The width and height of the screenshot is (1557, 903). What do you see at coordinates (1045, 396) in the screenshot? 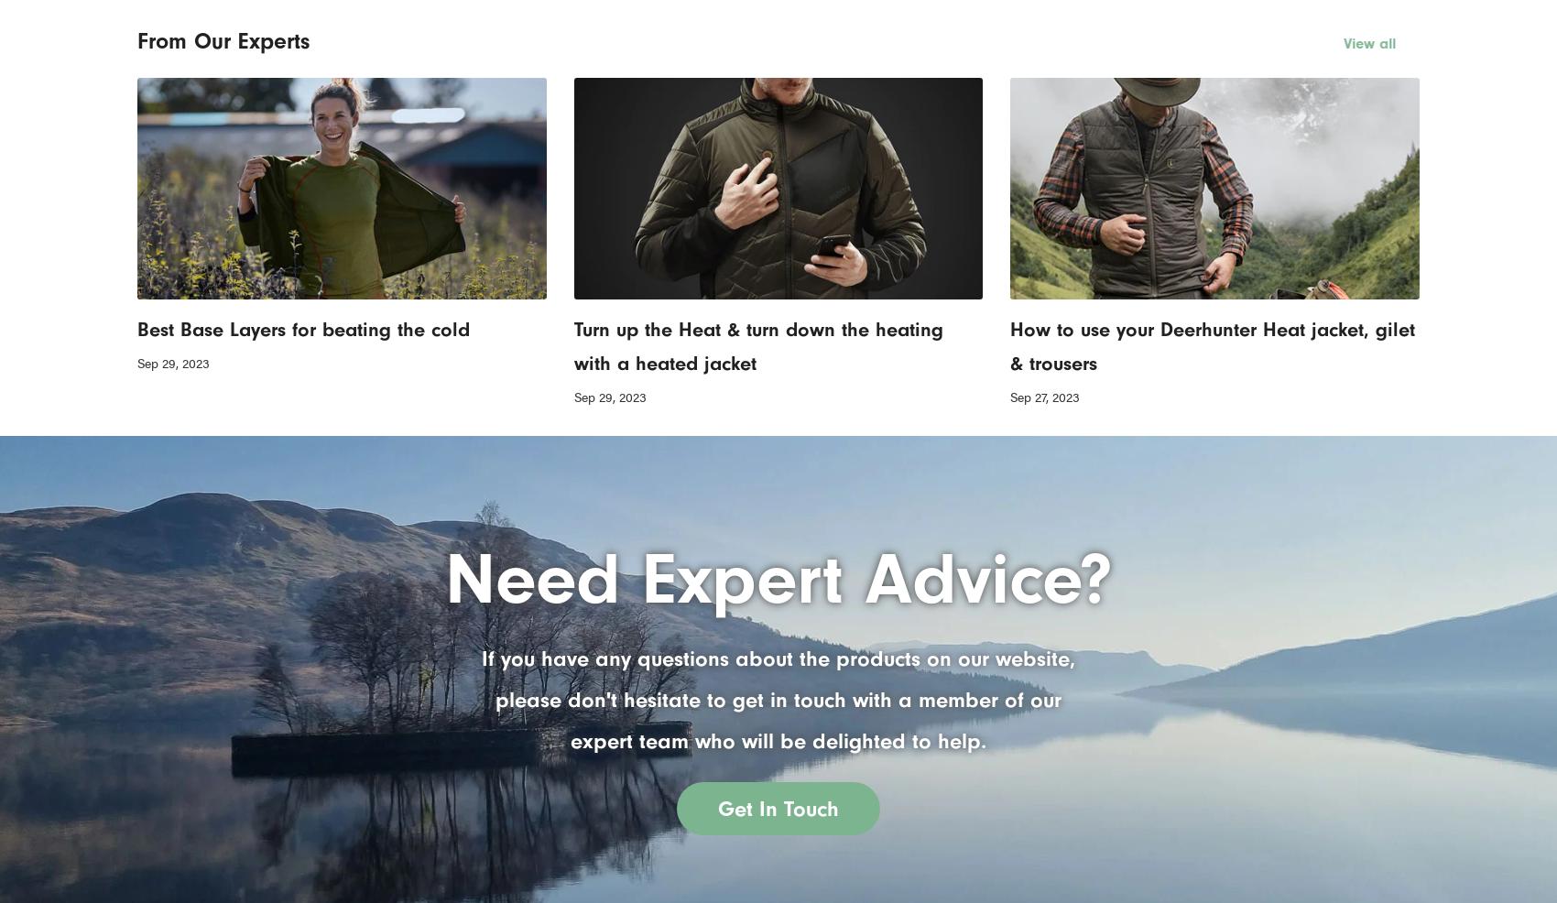
I see `'Sep 27, 2023'` at bounding box center [1045, 396].